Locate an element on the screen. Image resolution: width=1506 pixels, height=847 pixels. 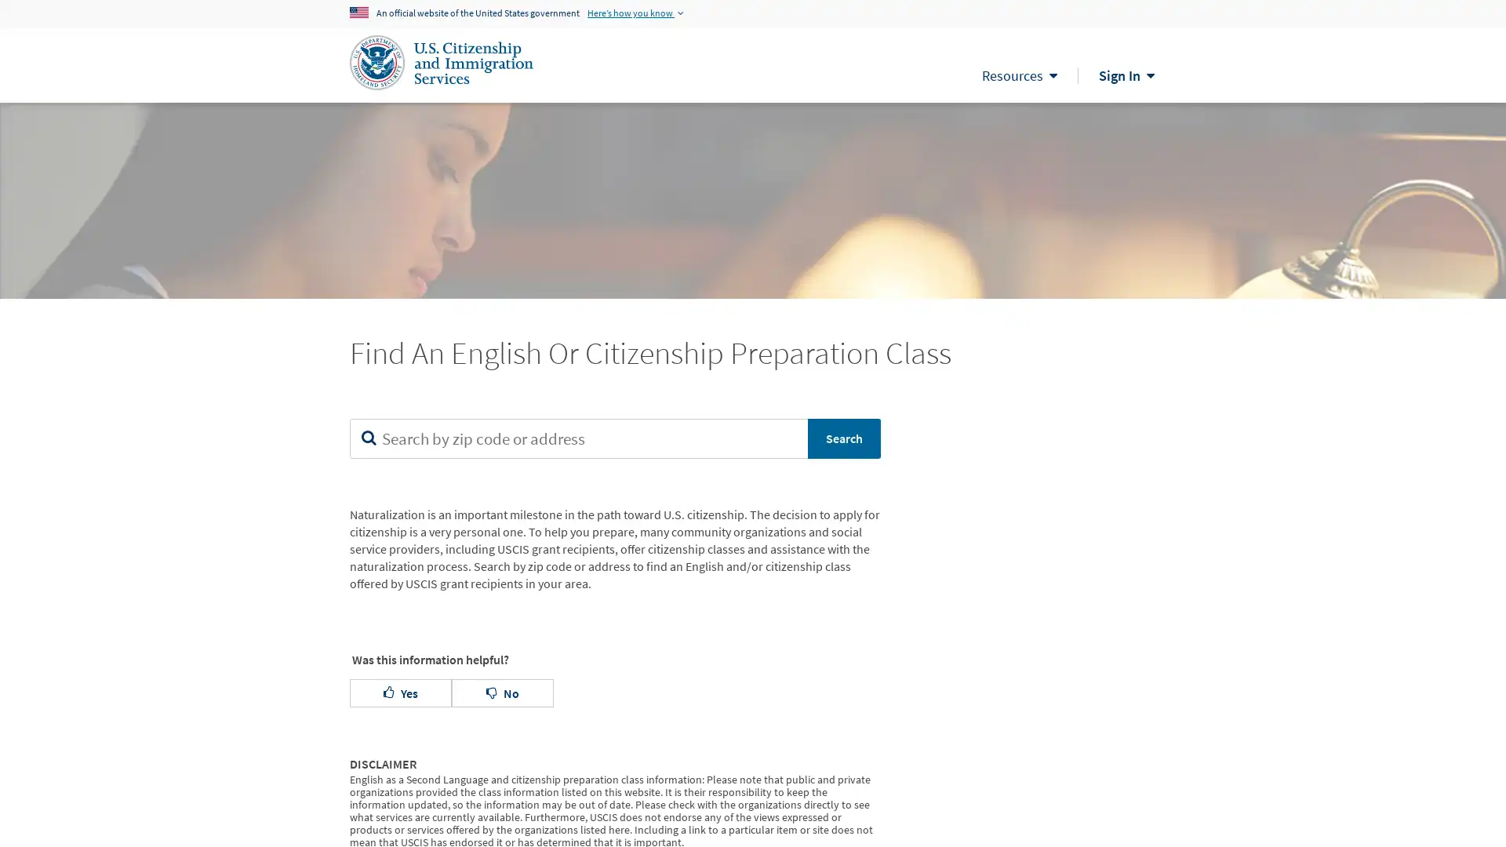
Yes is located at coordinates (400, 692).